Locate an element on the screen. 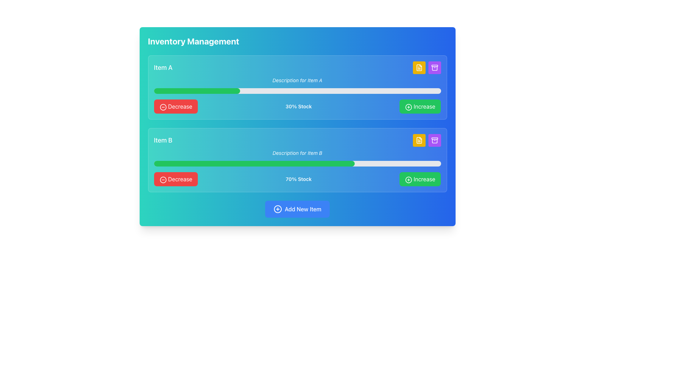 The width and height of the screenshot is (677, 381). the red 'Decrease' button with rounded corners and a minus icon to initiate the decrease action is located at coordinates (176, 179).